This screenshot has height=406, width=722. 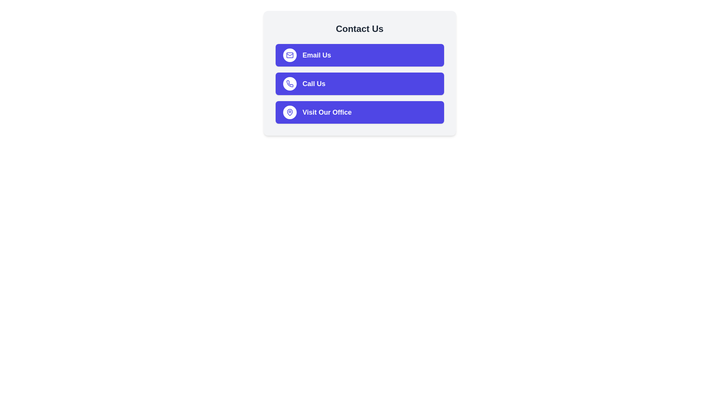 What do you see at coordinates (359, 73) in the screenshot?
I see `the purple 'Call Us' button with white text and a phone icon to initiate a call` at bounding box center [359, 73].